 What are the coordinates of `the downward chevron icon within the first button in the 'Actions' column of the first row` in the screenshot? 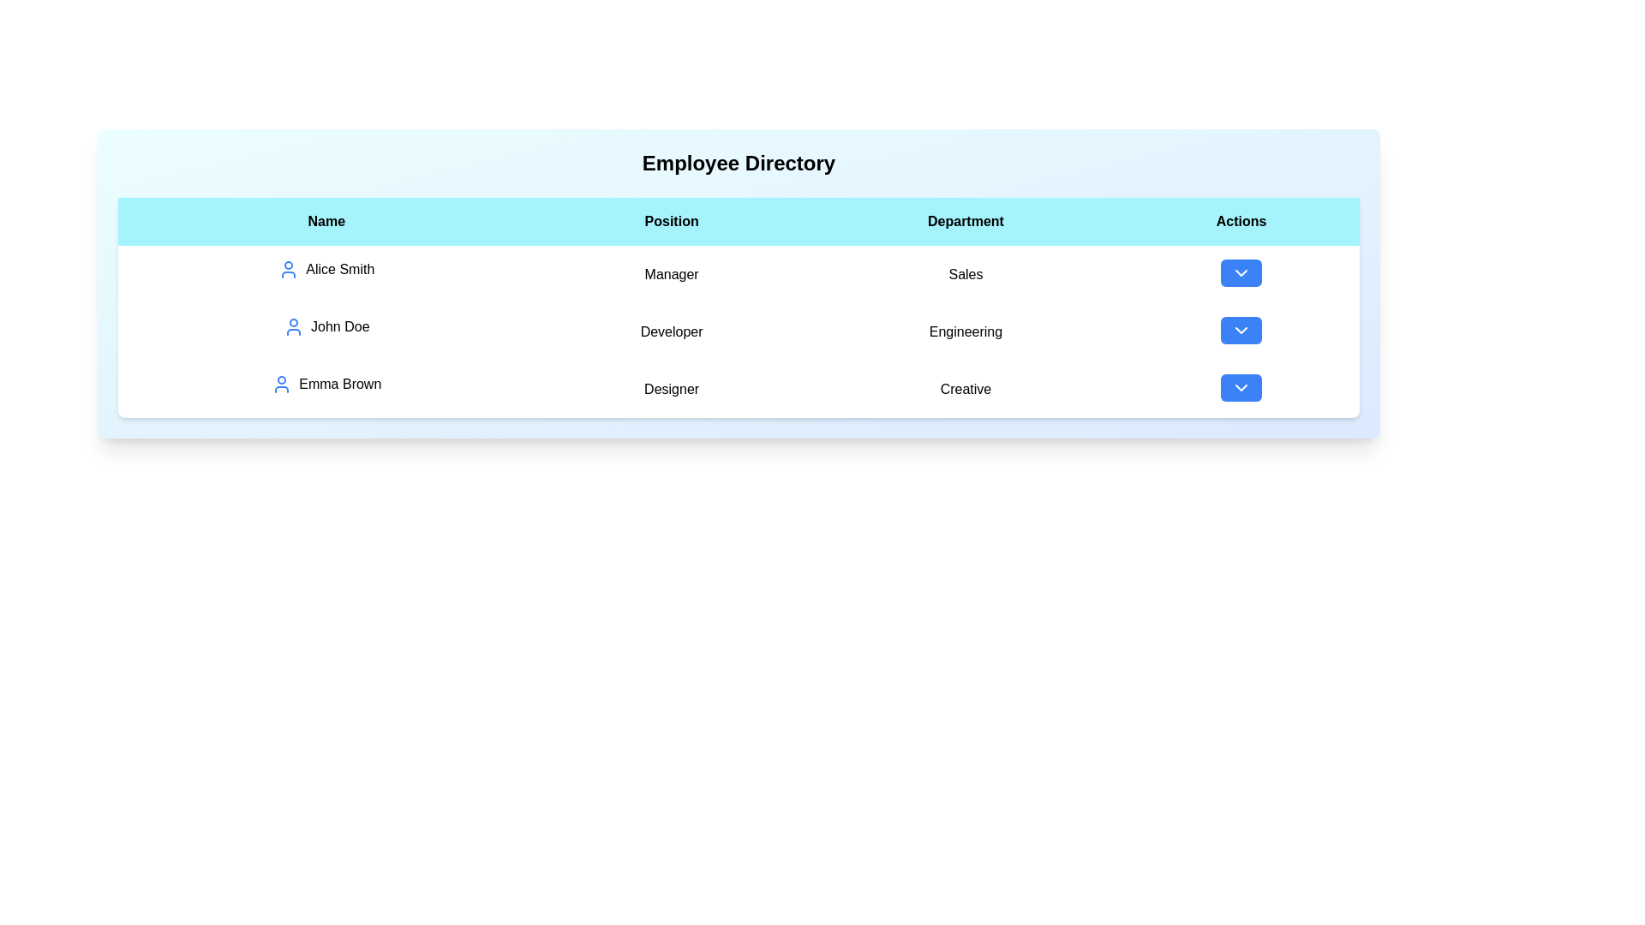 It's located at (1241, 272).